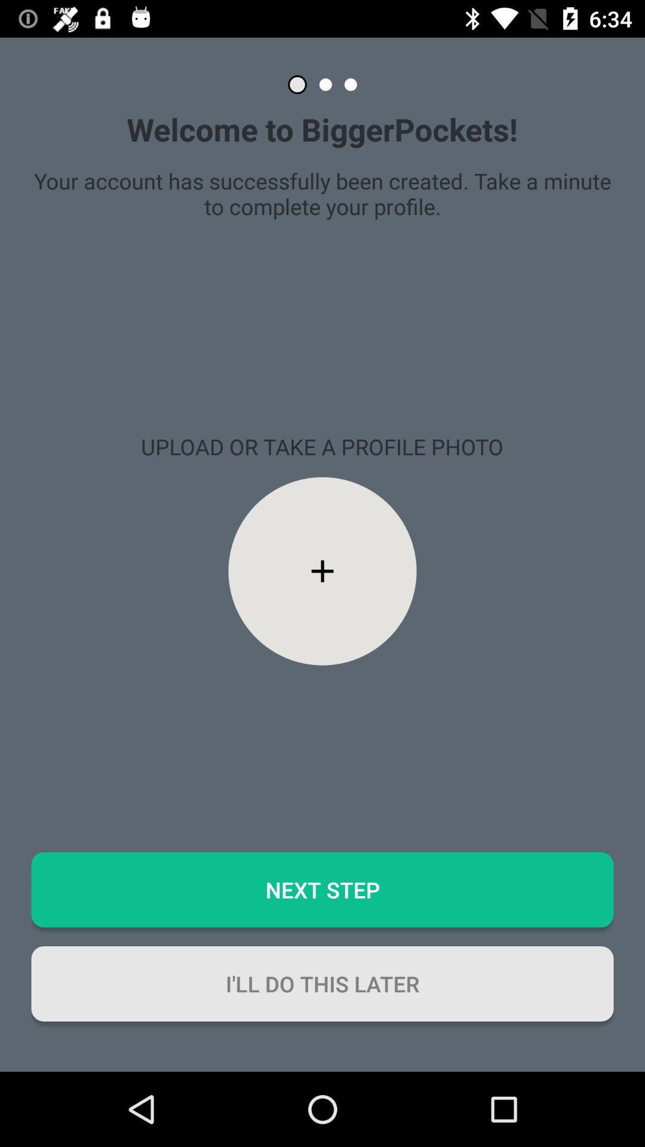 This screenshot has width=645, height=1147. Describe the element at coordinates (322, 571) in the screenshot. I see `the item above the next step` at that location.